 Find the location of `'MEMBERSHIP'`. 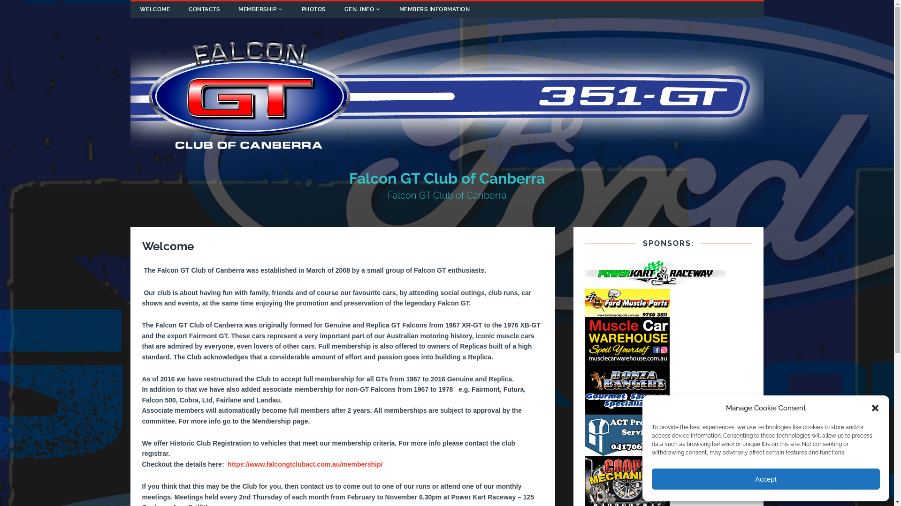

'MEMBERSHIP' is located at coordinates (260, 9).